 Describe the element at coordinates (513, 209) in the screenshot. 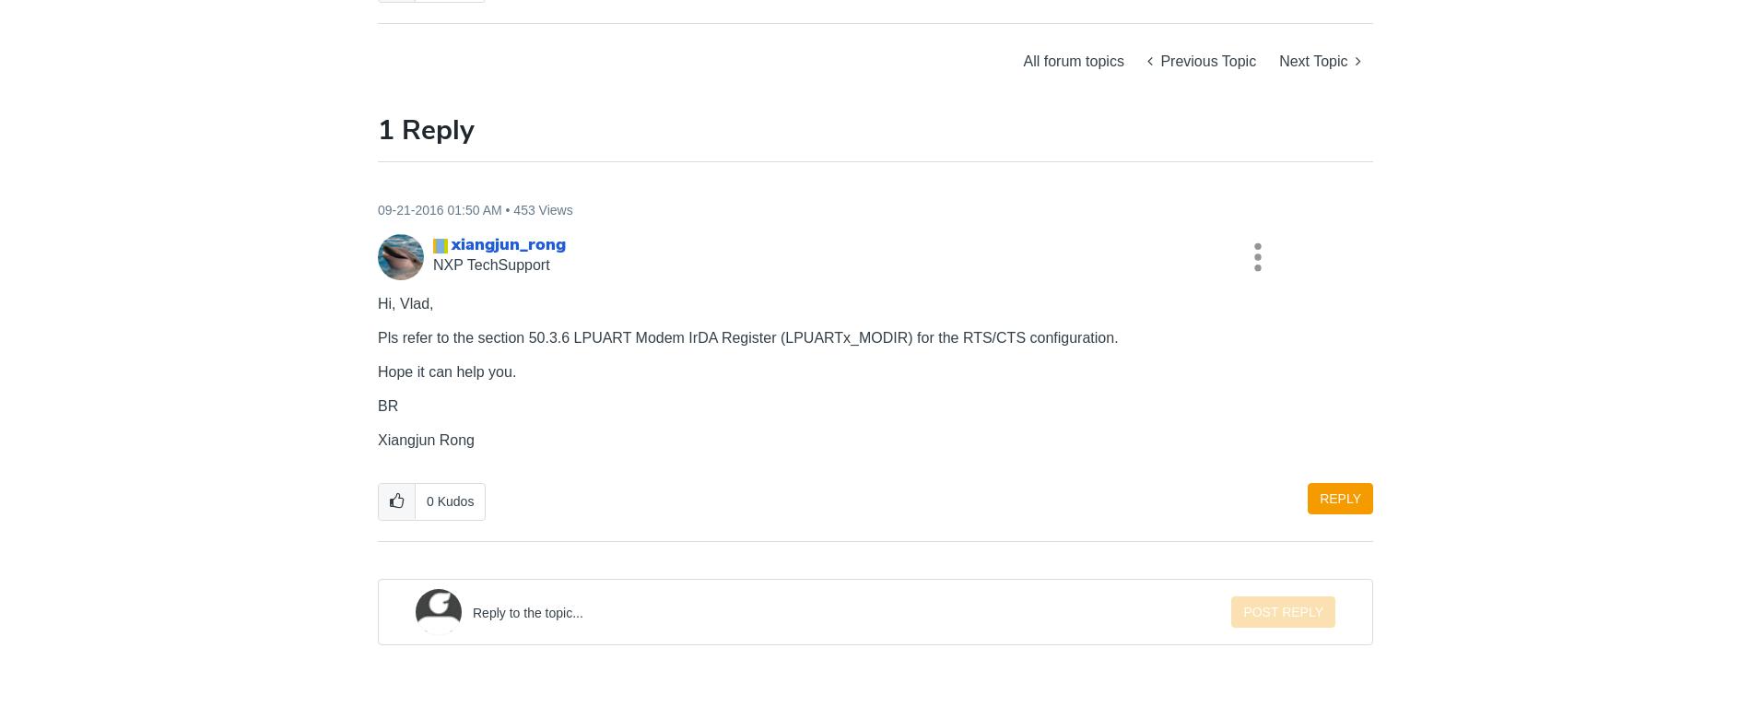

I see `'453 Views'` at that location.